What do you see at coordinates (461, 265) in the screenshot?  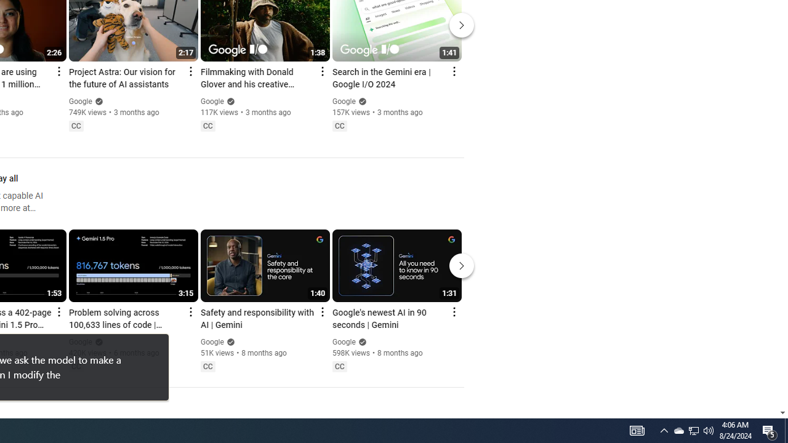 I see `'Next'` at bounding box center [461, 265].